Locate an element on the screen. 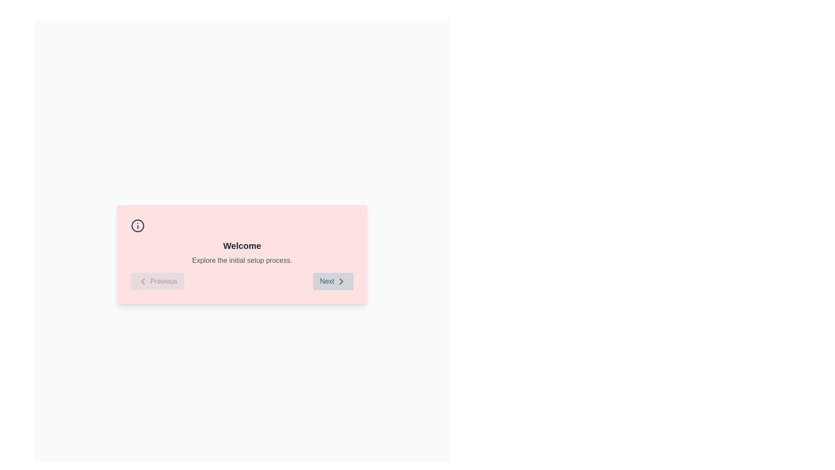 The image size is (835, 470). the arrow icon located in the bottom right corner of the pink dialog box, which is part of the 'Next' button is located at coordinates (341, 282).